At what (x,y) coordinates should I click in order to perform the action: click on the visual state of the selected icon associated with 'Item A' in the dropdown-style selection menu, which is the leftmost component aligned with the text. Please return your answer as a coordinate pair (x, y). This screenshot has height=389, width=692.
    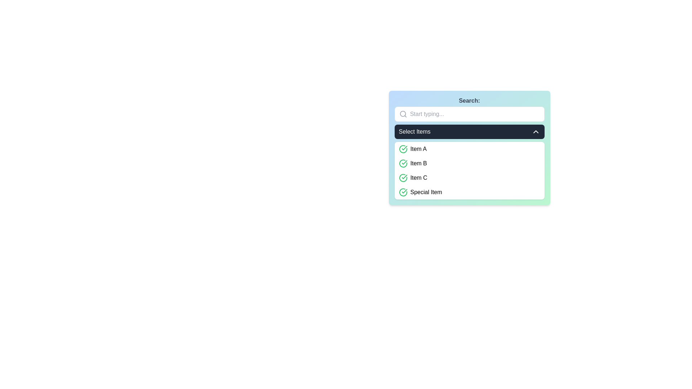
    Looking at the image, I should click on (403, 148).